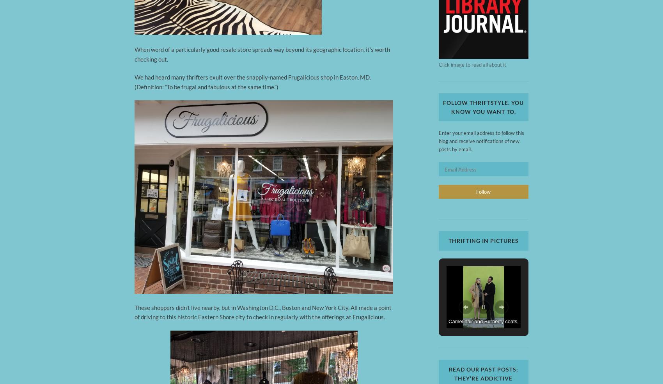 The width and height of the screenshot is (663, 384). I want to click on 'These shoppers didn’t live nearby, but in Washington D.C., Boston and New York City. All made a point of driving to this historic Eastern Shore city to check in regularly with the offerings at Frugalicious.', so click(263, 311).